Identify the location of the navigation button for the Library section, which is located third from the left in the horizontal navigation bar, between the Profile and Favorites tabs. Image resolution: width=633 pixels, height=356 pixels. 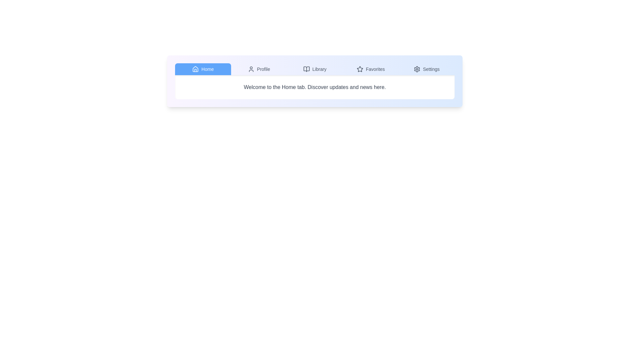
(315, 69).